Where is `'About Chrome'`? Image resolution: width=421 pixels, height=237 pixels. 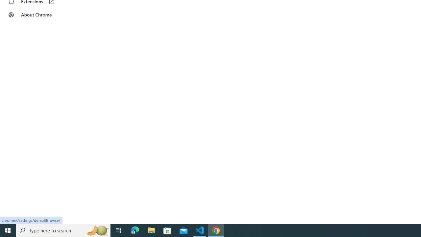
'About Chrome' is located at coordinates (40, 15).